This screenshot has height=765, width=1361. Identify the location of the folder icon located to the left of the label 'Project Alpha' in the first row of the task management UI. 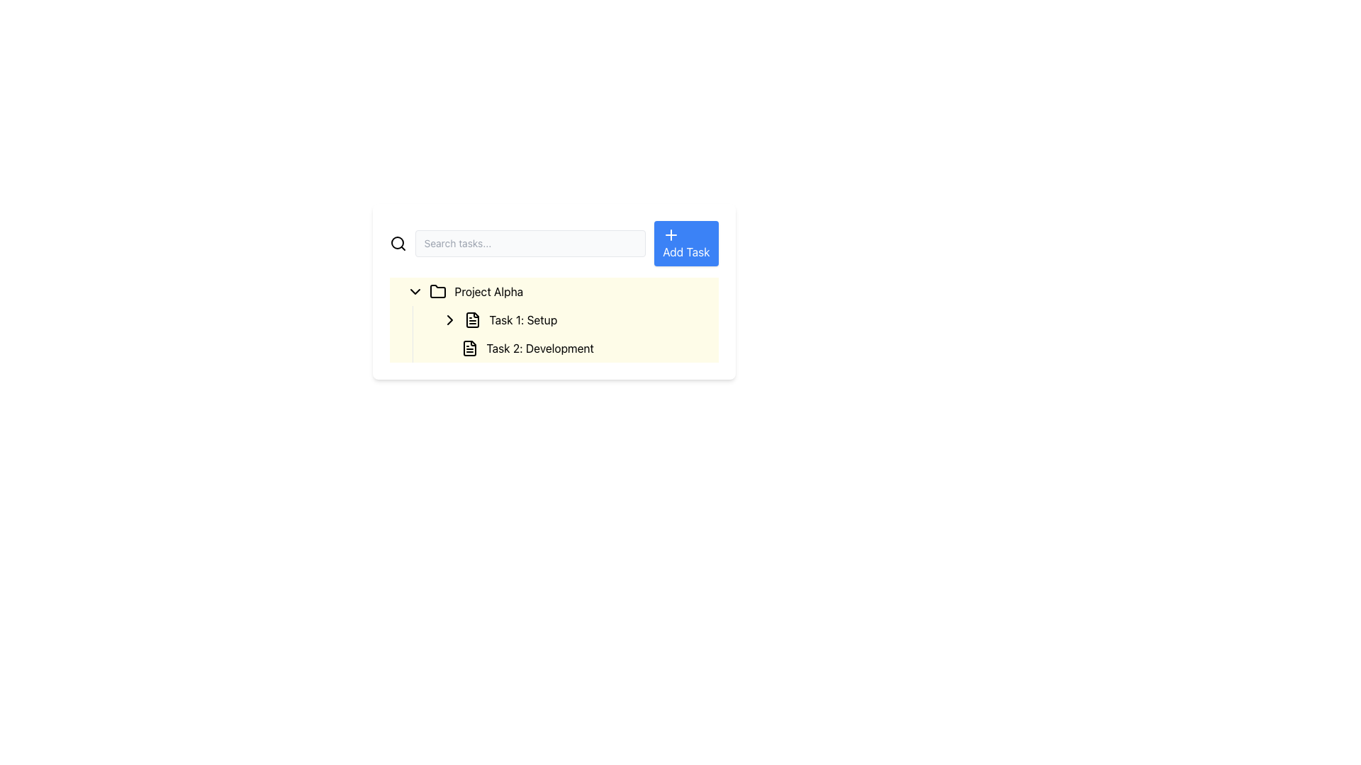
(437, 290).